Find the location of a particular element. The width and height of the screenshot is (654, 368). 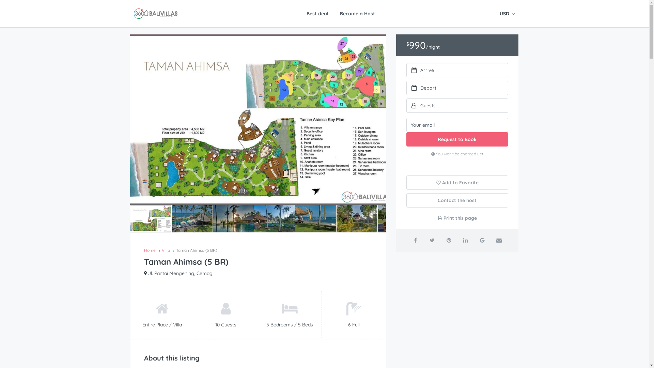

'360 Bali Villas - What you see is what you get' is located at coordinates (155, 13).